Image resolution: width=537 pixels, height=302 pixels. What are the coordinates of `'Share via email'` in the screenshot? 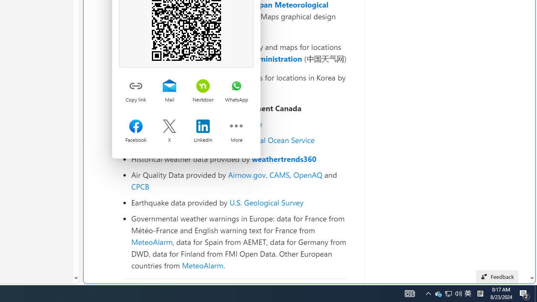 It's located at (169, 86).